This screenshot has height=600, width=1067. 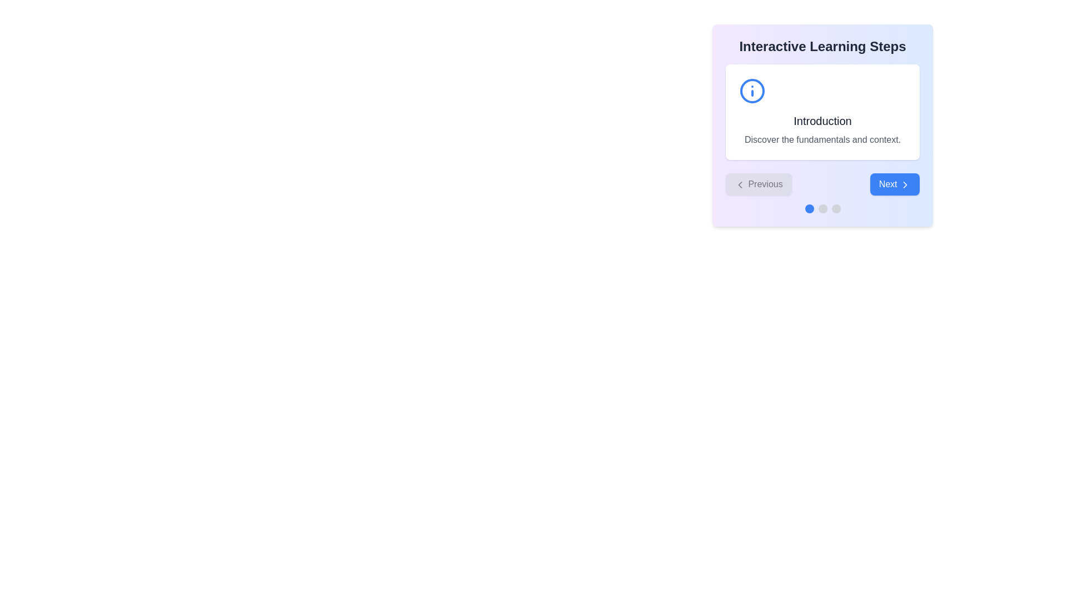 I want to click on the blue circle in the step indicator, so click(x=822, y=208).